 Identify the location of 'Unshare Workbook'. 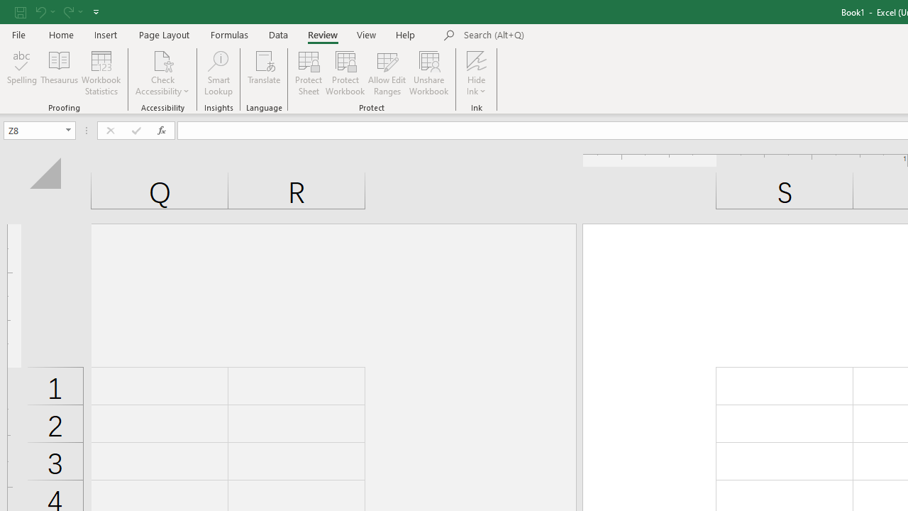
(428, 73).